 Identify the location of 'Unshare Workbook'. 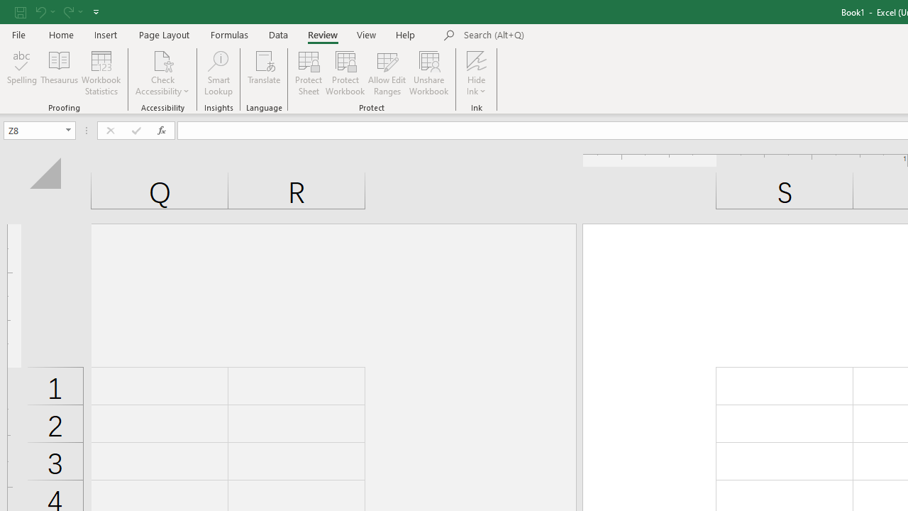
(428, 73).